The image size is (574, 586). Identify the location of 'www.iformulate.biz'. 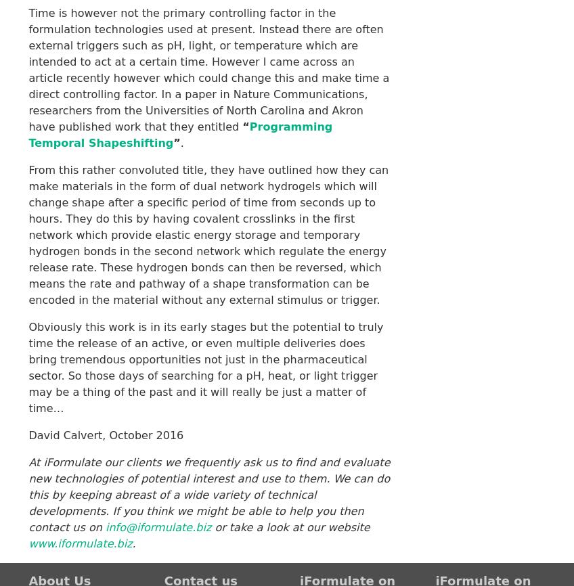
(79, 542).